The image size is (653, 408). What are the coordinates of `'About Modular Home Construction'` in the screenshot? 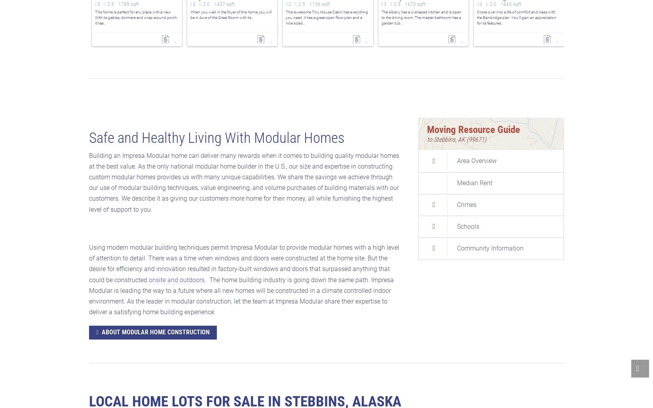 It's located at (156, 332).